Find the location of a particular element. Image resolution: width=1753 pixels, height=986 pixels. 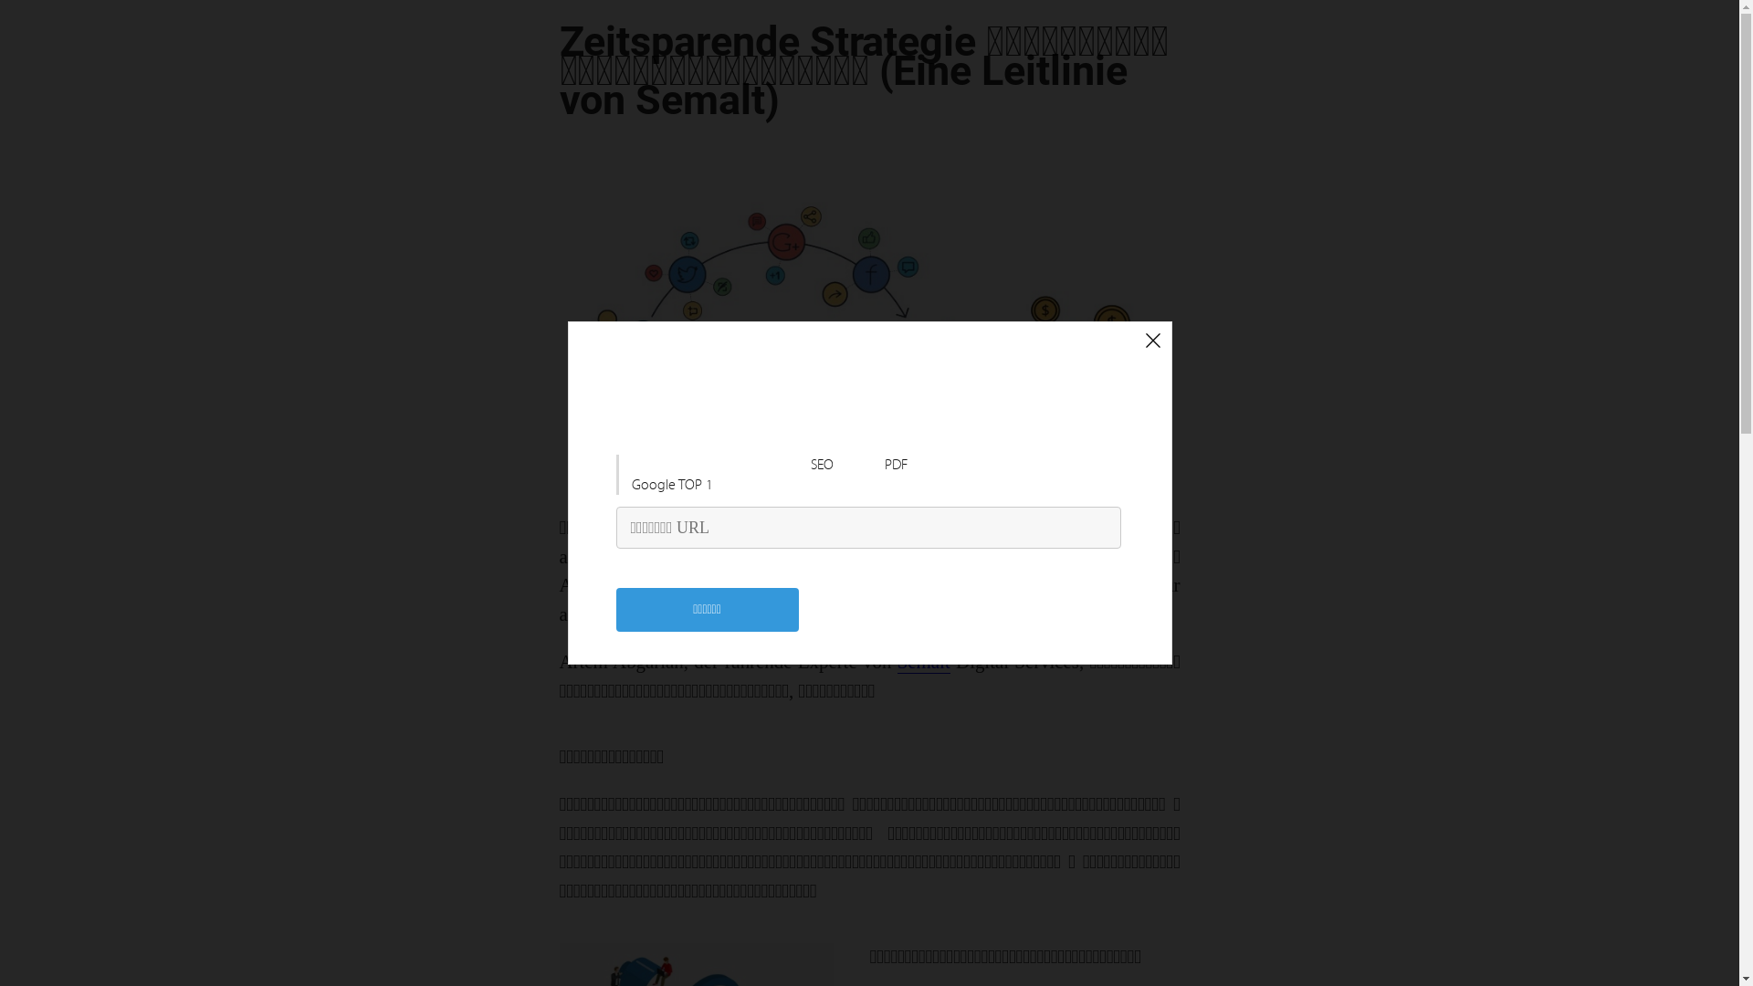

'Semalt' is located at coordinates (924, 662).